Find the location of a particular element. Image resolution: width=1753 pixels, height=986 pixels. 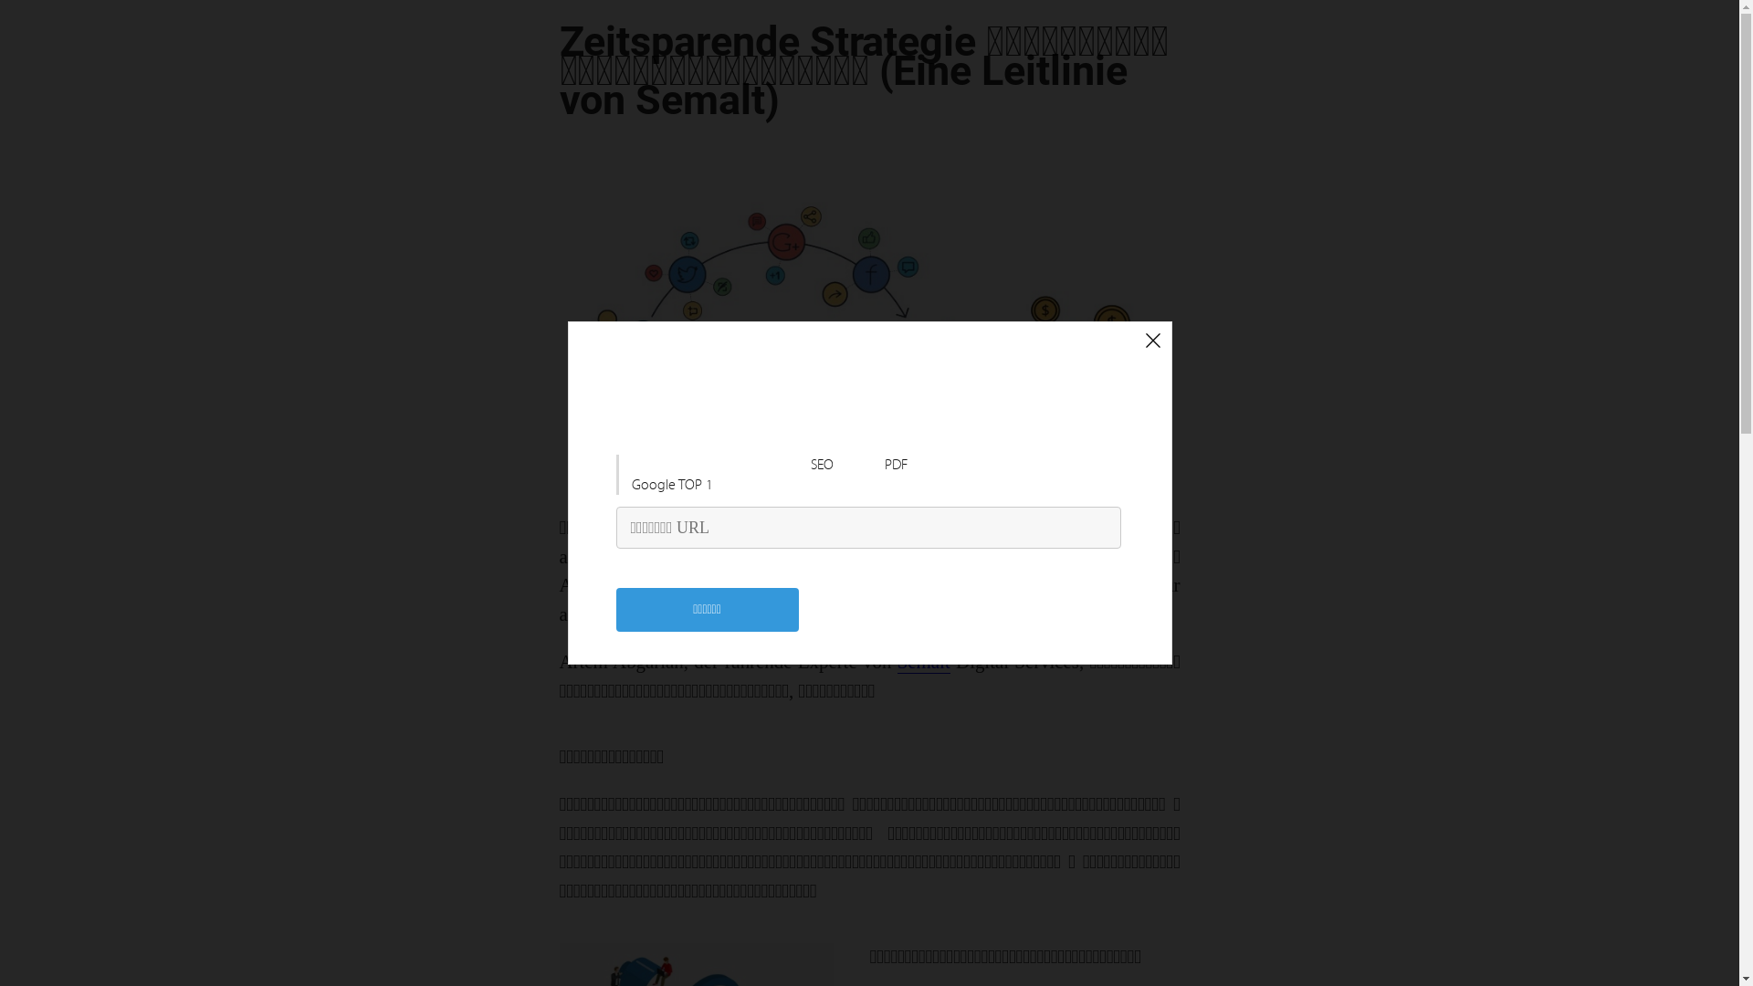

'Semalt' is located at coordinates (924, 662).